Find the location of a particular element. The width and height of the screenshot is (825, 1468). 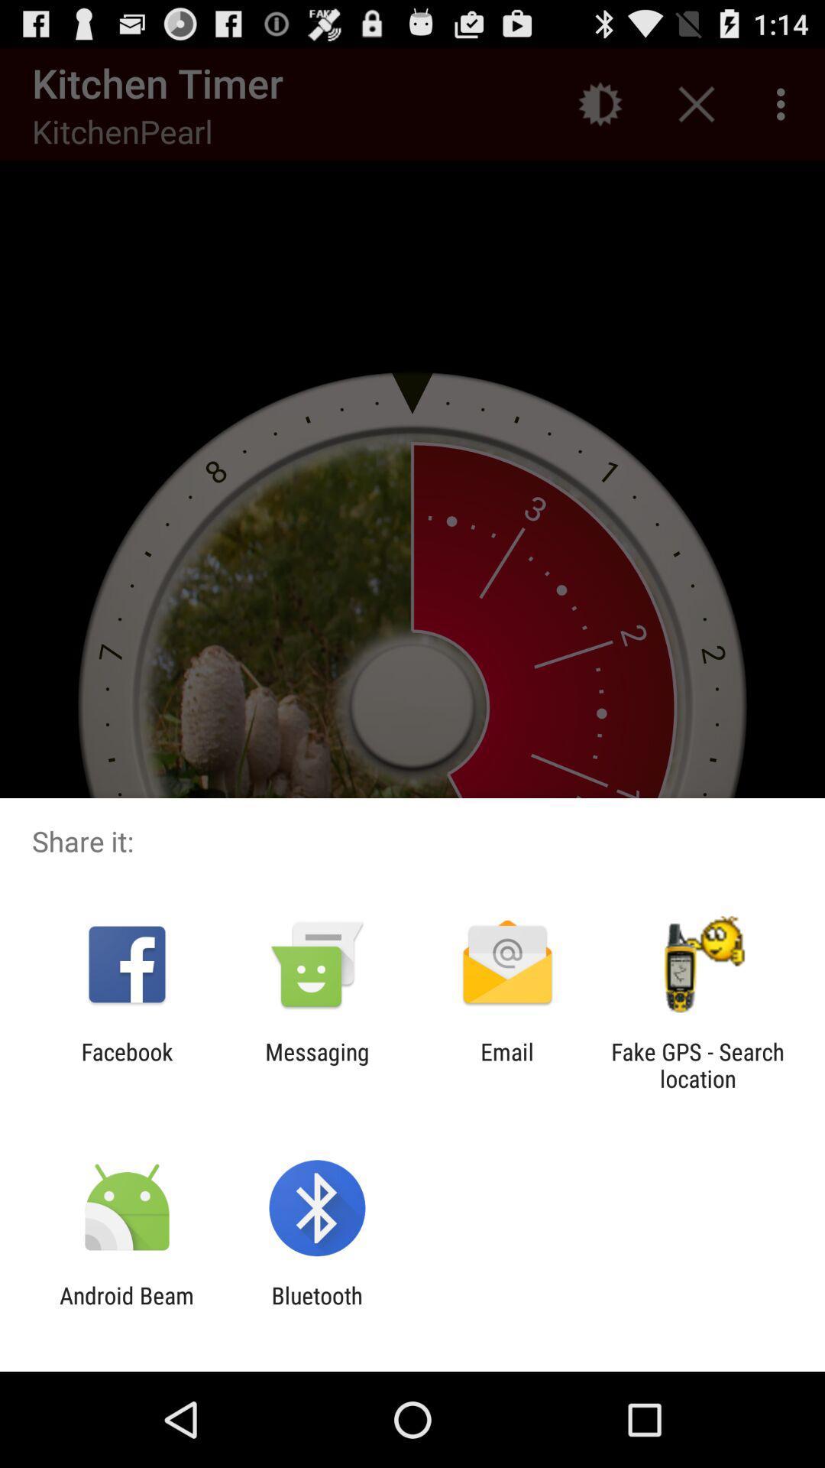

the fake gps search item is located at coordinates (697, 1064).